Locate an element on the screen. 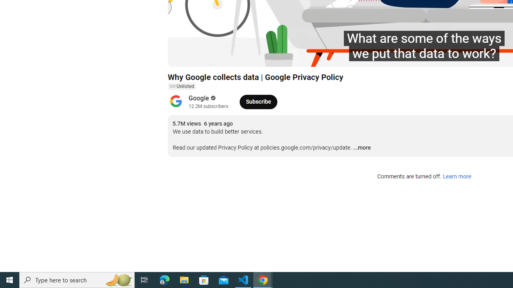 The height and width of the screenshot is (288, 513). 'Mute (m)' is located at coordinates (220, 56).